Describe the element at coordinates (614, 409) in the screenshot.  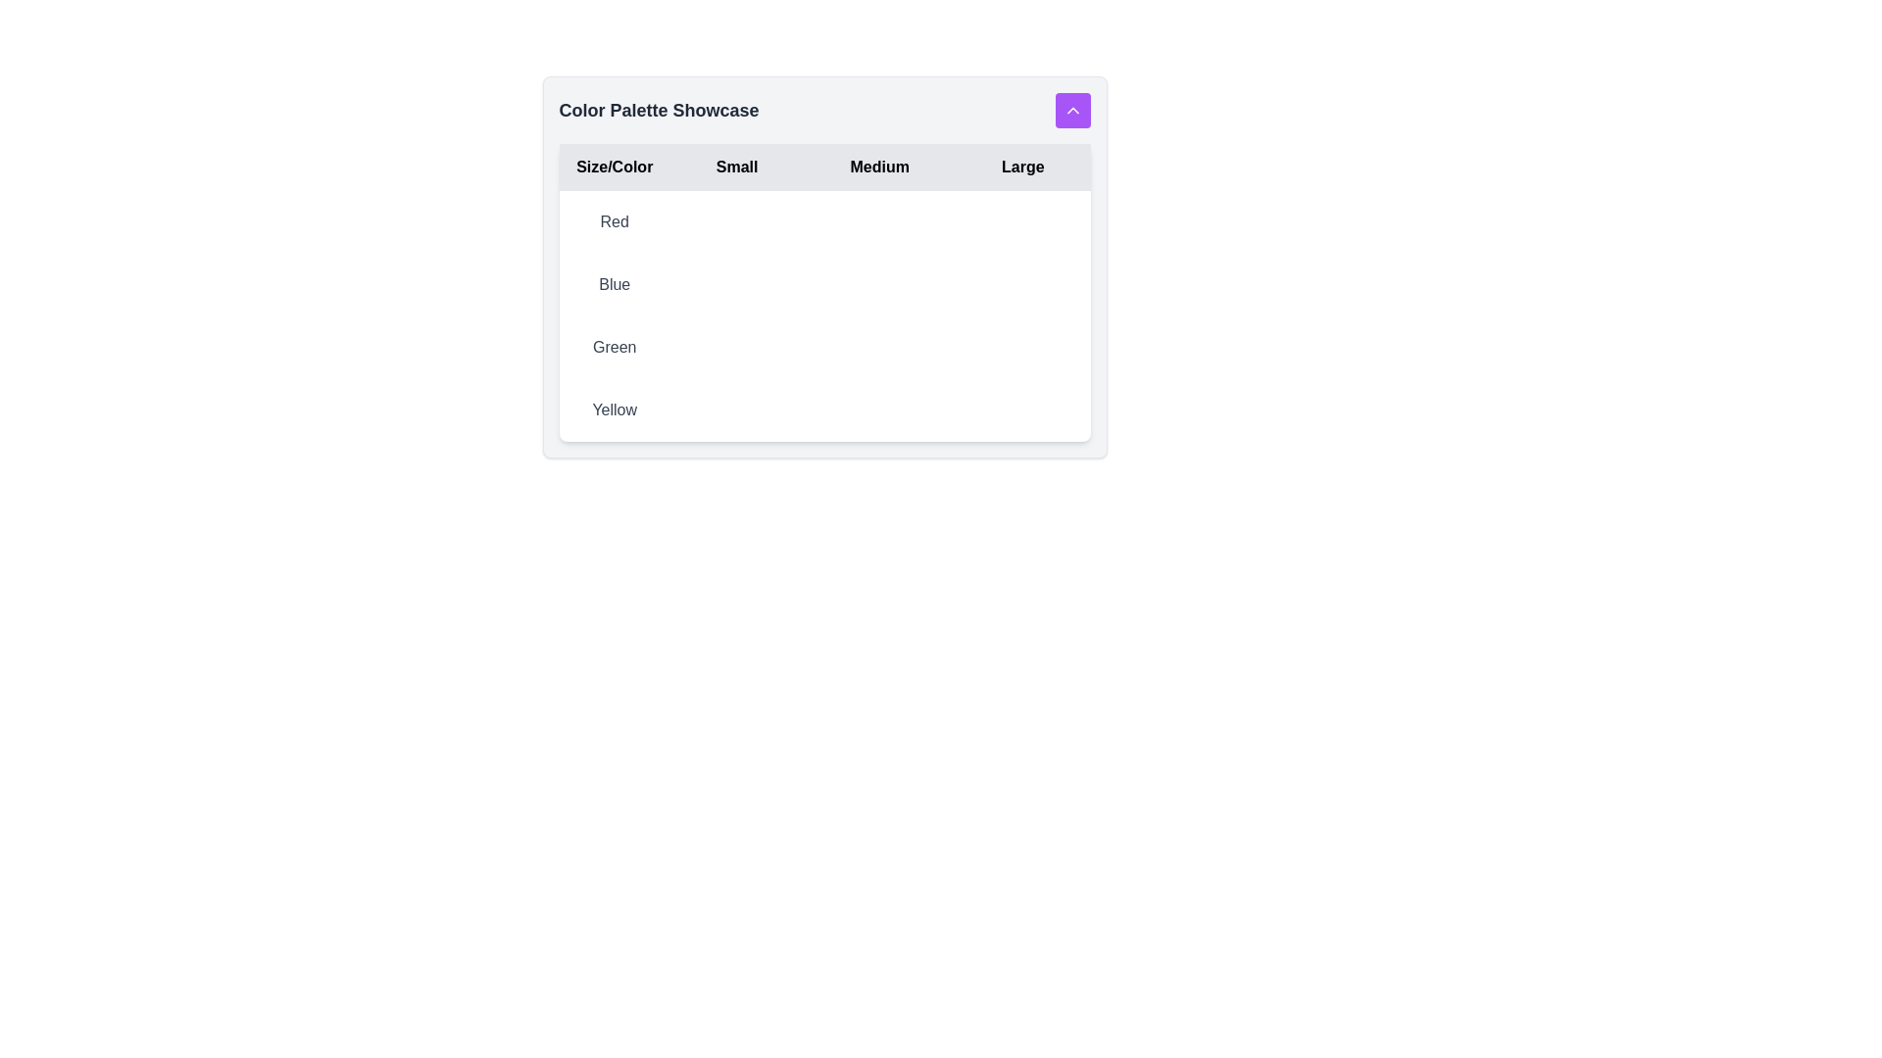
I see `label indicating the color 'Yellow' located in the bottommost row of the table under the 'Size/Color' column` at that location.